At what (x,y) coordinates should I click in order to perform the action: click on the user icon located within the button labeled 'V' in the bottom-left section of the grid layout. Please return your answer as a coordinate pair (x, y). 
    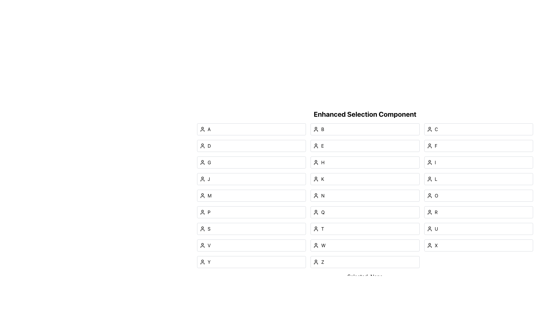
    Looking at the image, I should click on (202, 245).